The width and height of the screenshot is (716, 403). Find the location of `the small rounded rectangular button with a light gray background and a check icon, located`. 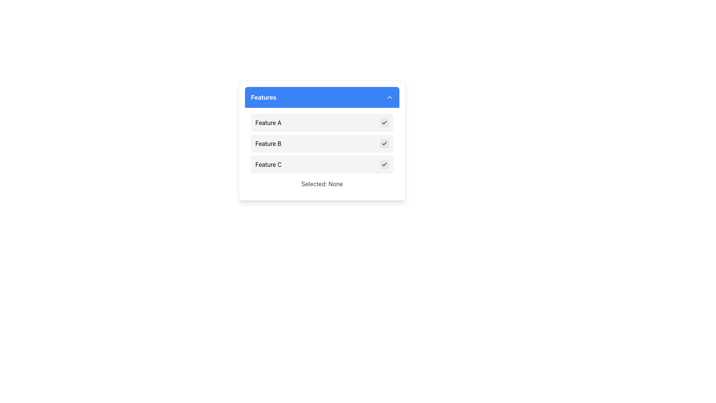

the small rounded rectangular button with a light gray background and a check icon, located is located at coordinates (384, 164).